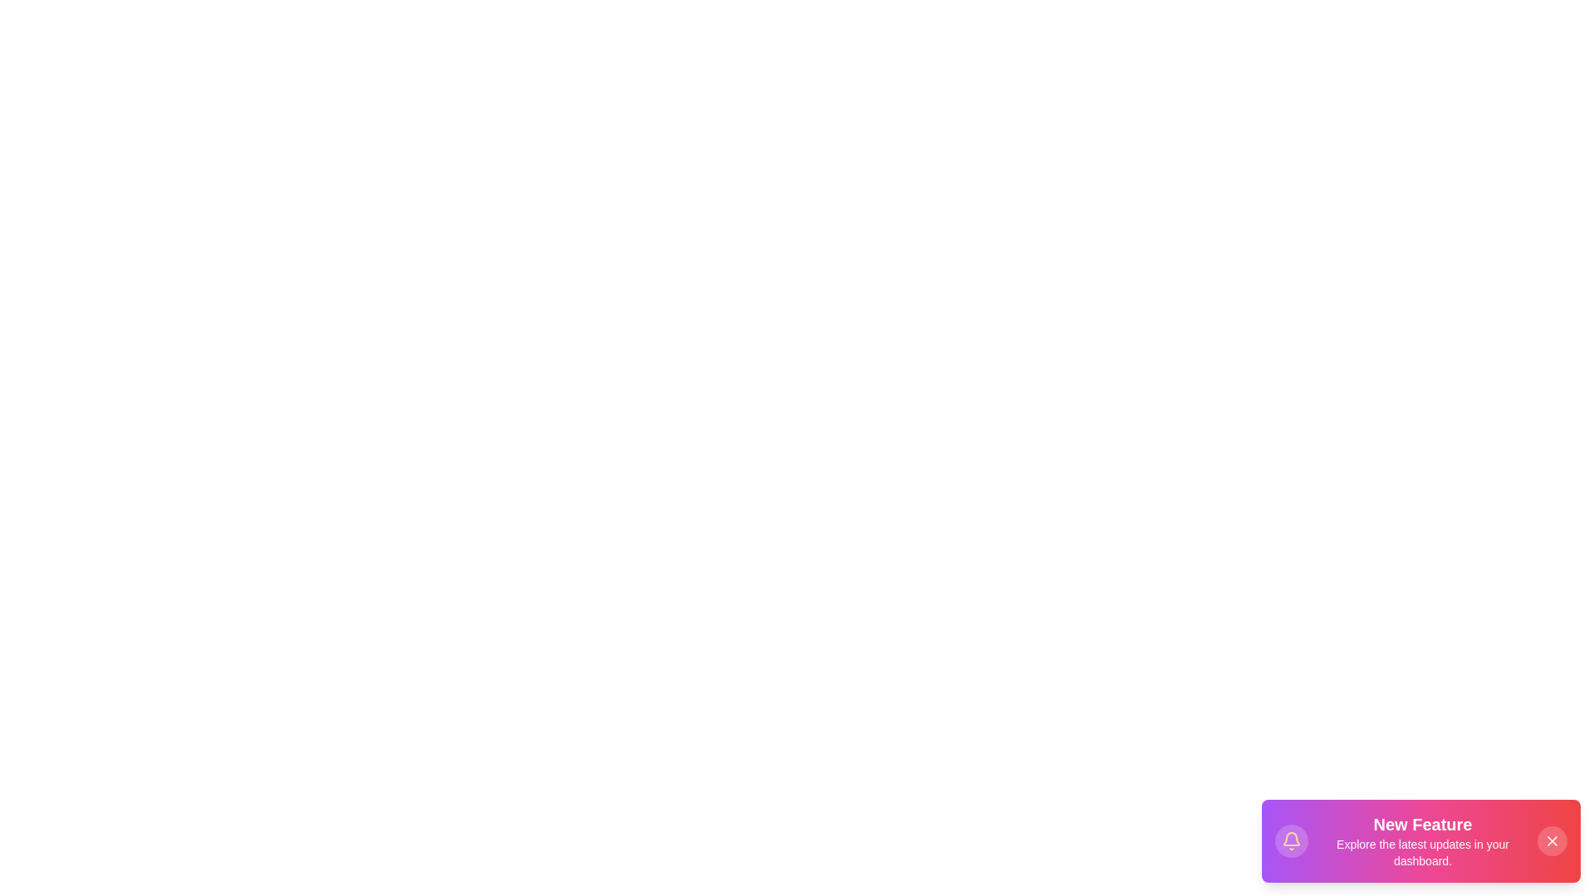 This screenshot has height=896, width=1594. Describe the element at coordinates (1290, 841) in the screenshot. I see `the bell icon in the StylishSnackbar component` at that location.